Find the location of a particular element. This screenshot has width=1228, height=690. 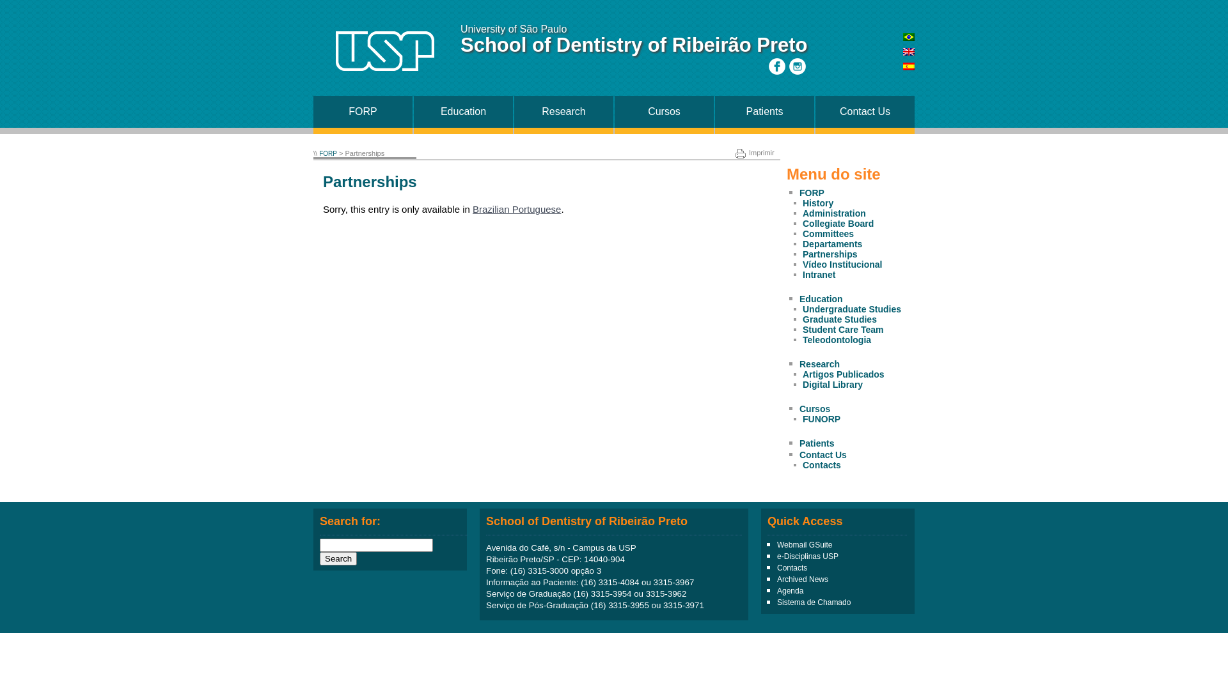

'History' is located at coordinates (801, 202).